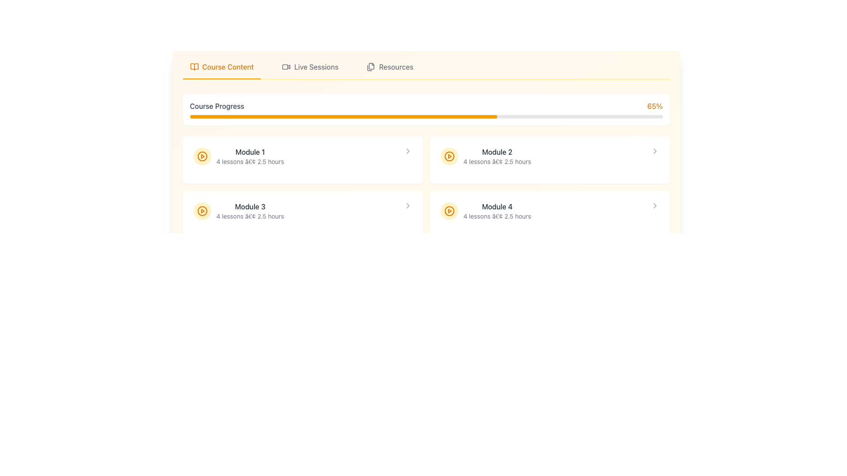  Describe the element at coordinates (202, 156) in the screenshot. I see `the visual representation of the first circular icon located to the left of the text 'Module 1' in the top-left segment of the grid layout of modules` at that location.